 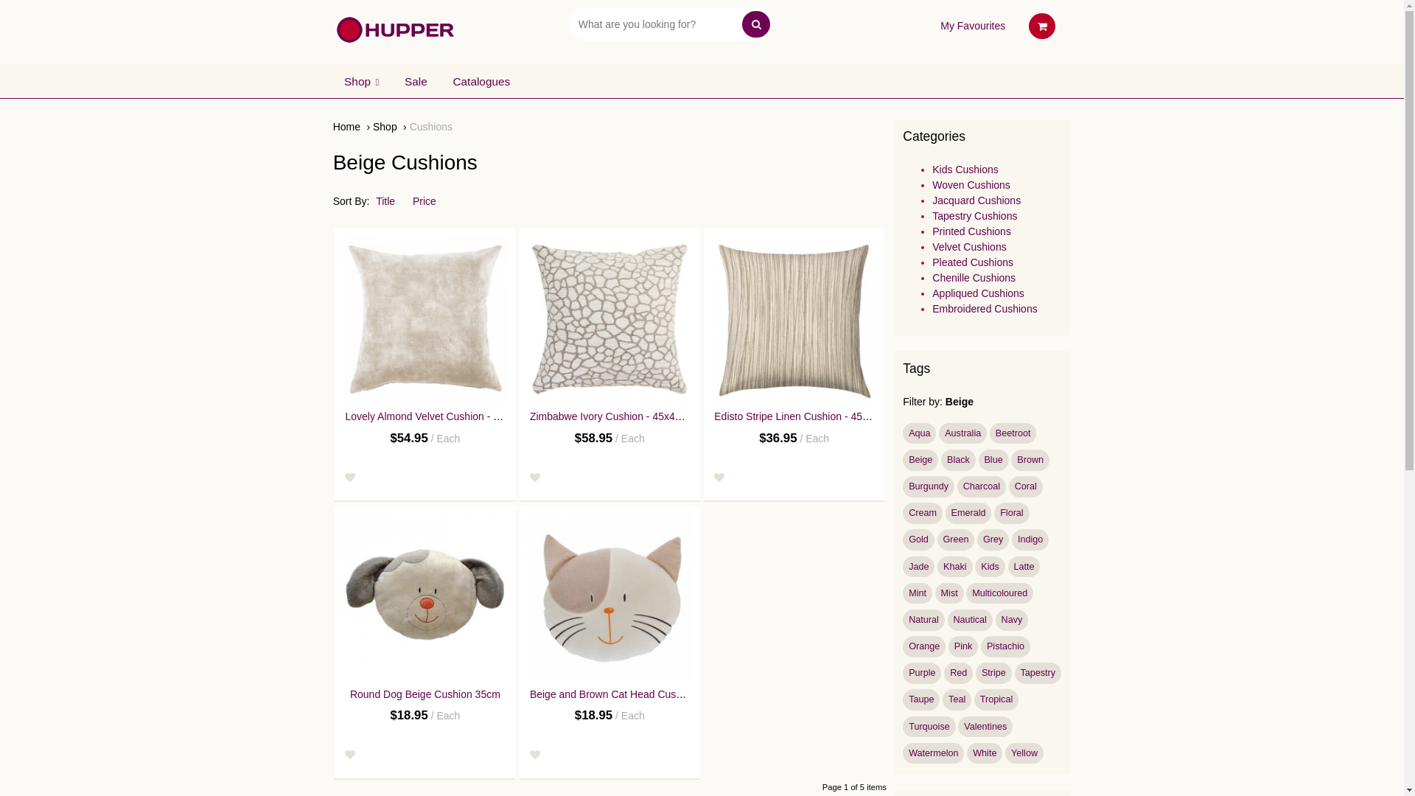 What do you see at coordinates (1007, 566) in the screenshot?
I see `'Latte'` at bounding box center [1007, 566].